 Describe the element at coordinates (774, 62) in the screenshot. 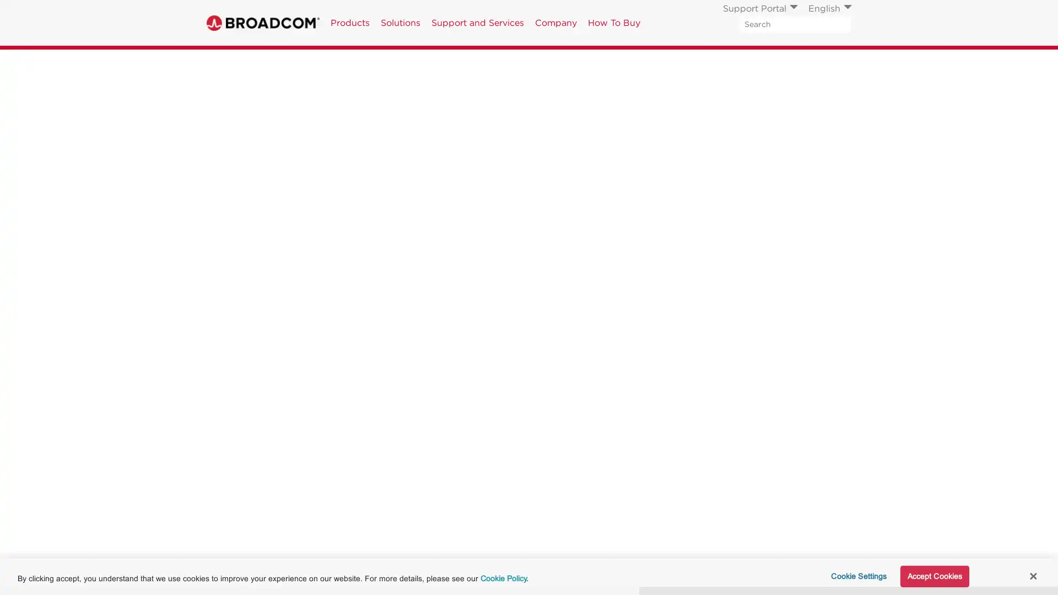

I see `Print` at that location.